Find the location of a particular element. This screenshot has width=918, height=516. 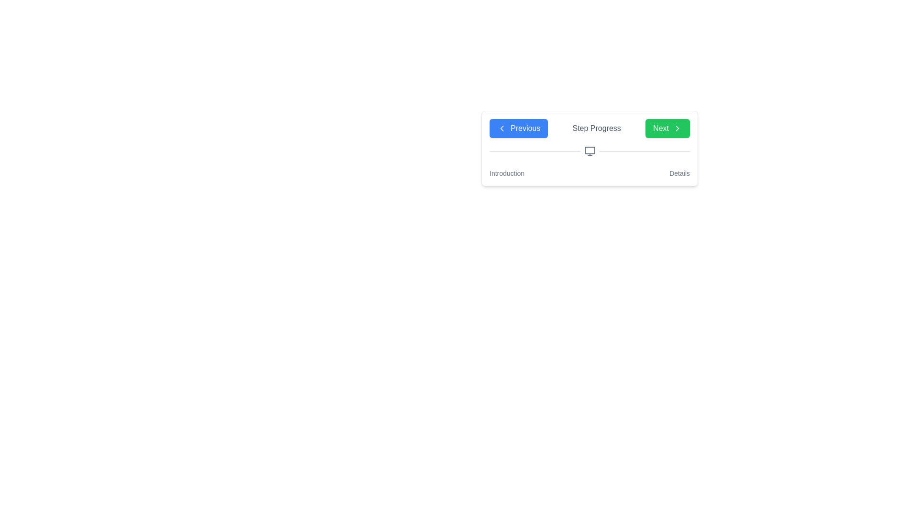

the navigational button located in the top-right corner of the toolbar section, next to the 'Step Progress' label, to observe the hover effect is located at coordinates (667, 128).